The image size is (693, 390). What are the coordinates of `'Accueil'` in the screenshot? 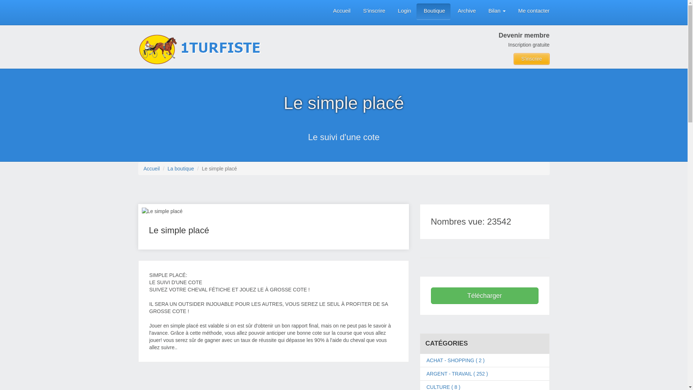 It's located at (151, 168).